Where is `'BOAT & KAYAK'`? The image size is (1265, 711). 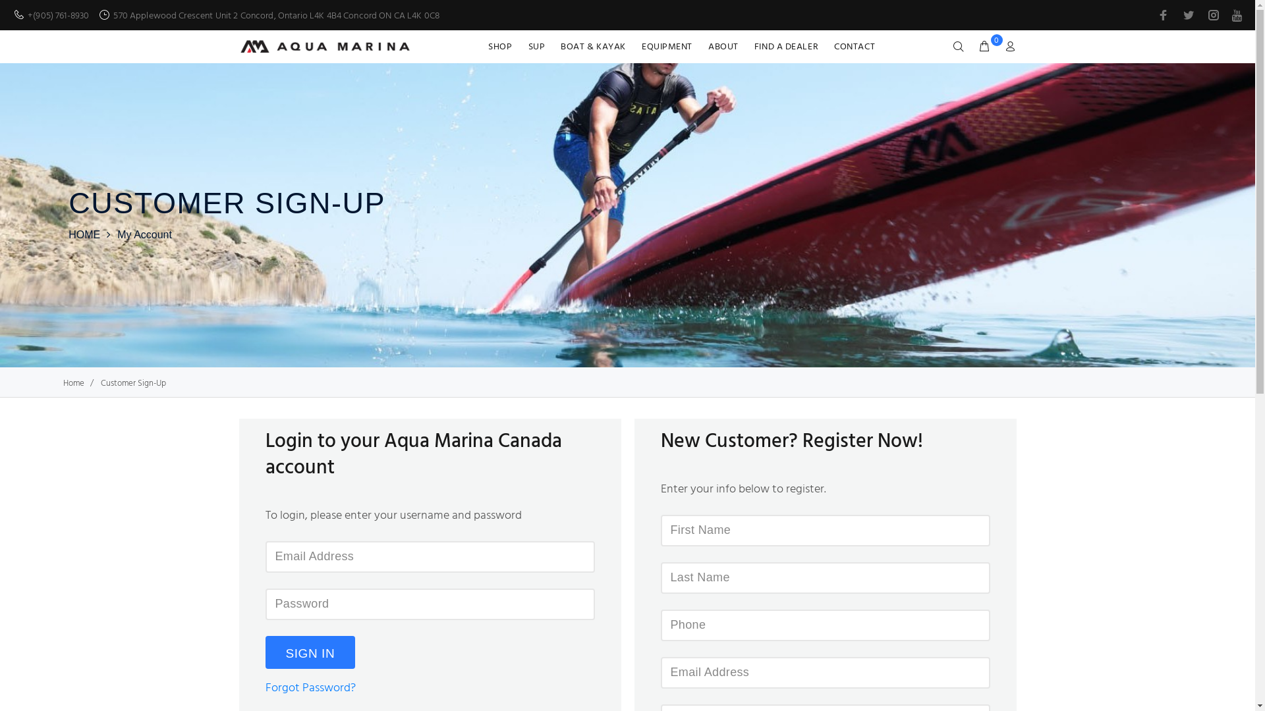 'BOAT & KAYAK' is located at coordinates (592, 45).